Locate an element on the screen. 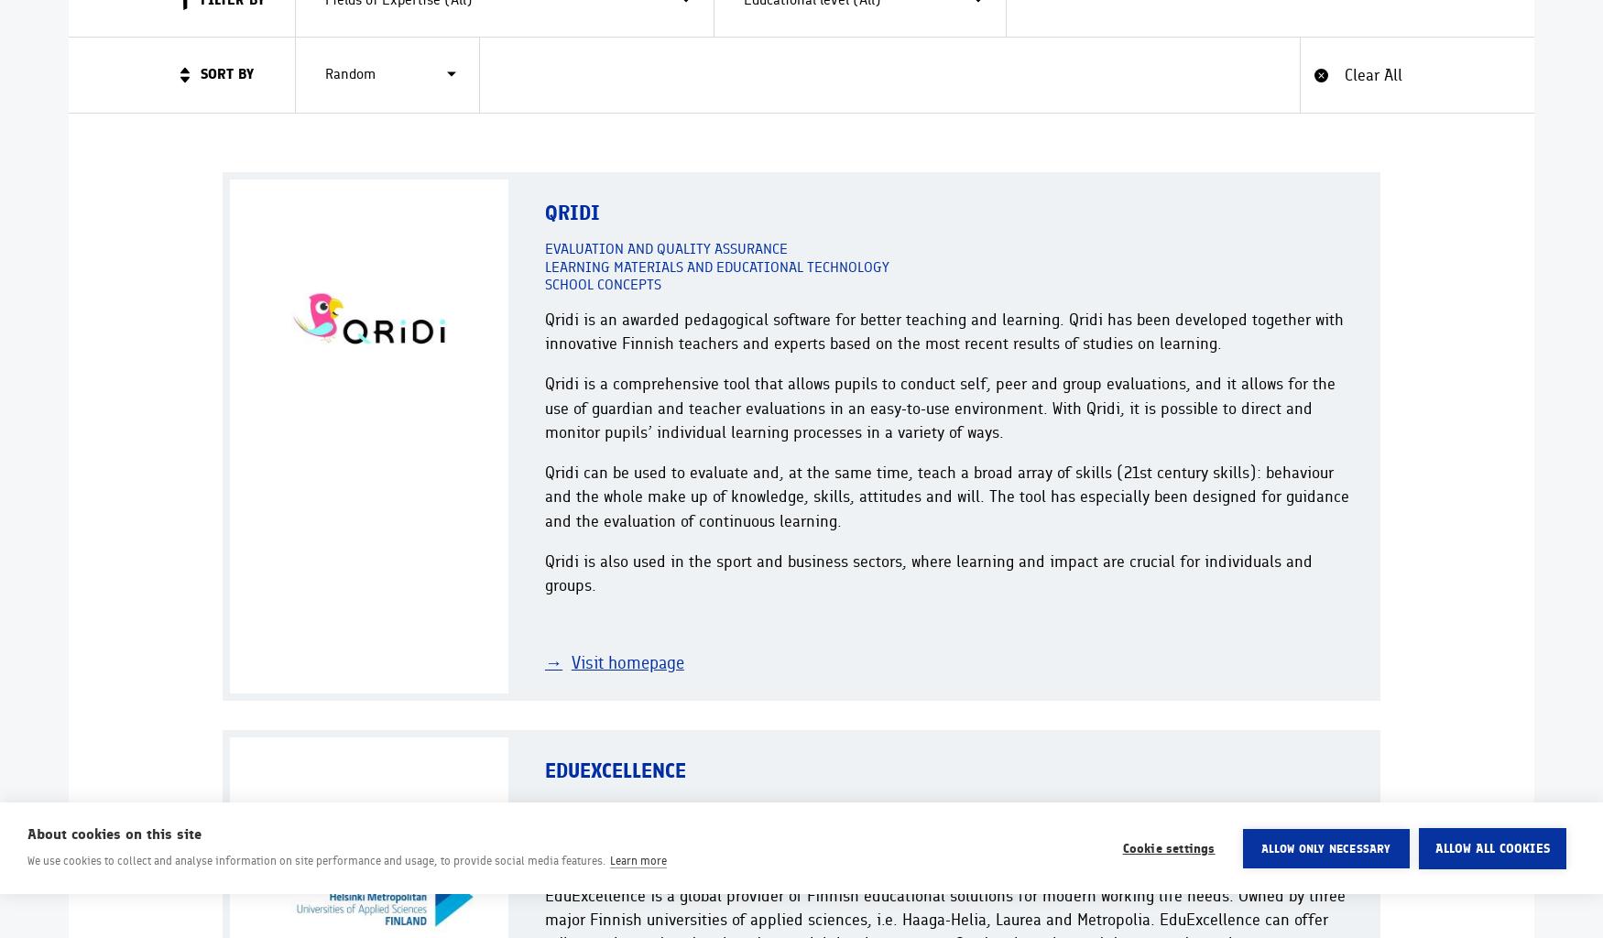 This screenshot has height=938, width=1603. 'Educational reforms' is located at coordinates (618, 823).